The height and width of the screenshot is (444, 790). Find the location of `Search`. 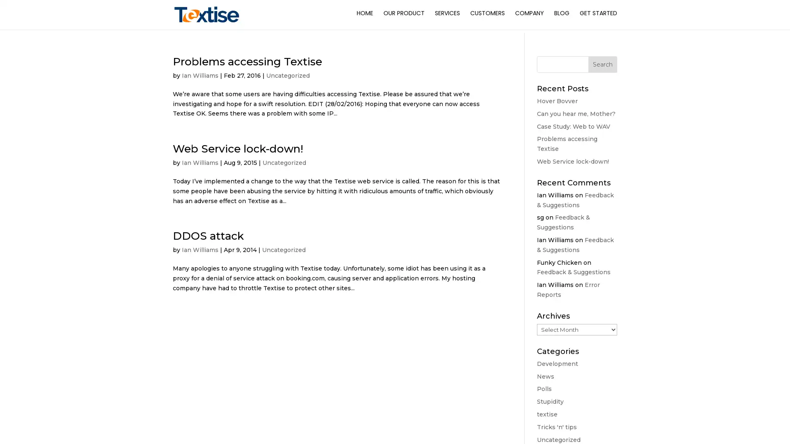

Search is located at coordinates (602, 62).